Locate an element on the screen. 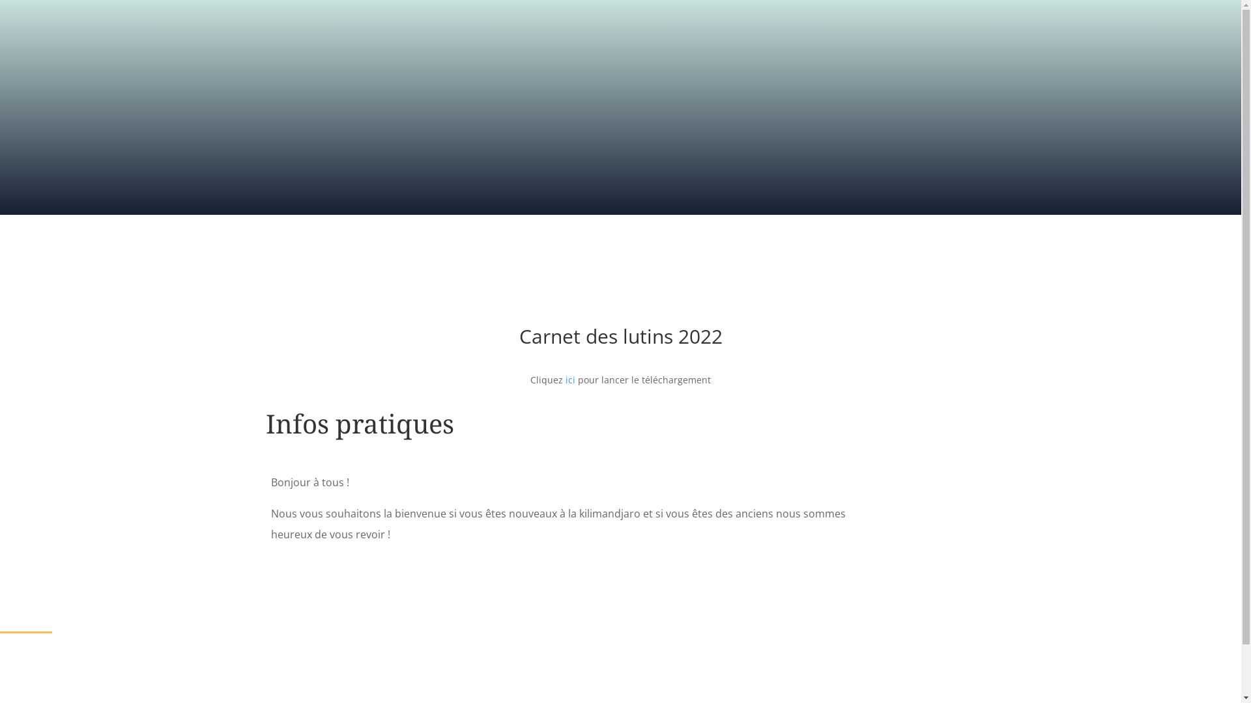 This screenshot has height=703, width=1251. 'Infos pratiques' is located at coordinates (360, 423).